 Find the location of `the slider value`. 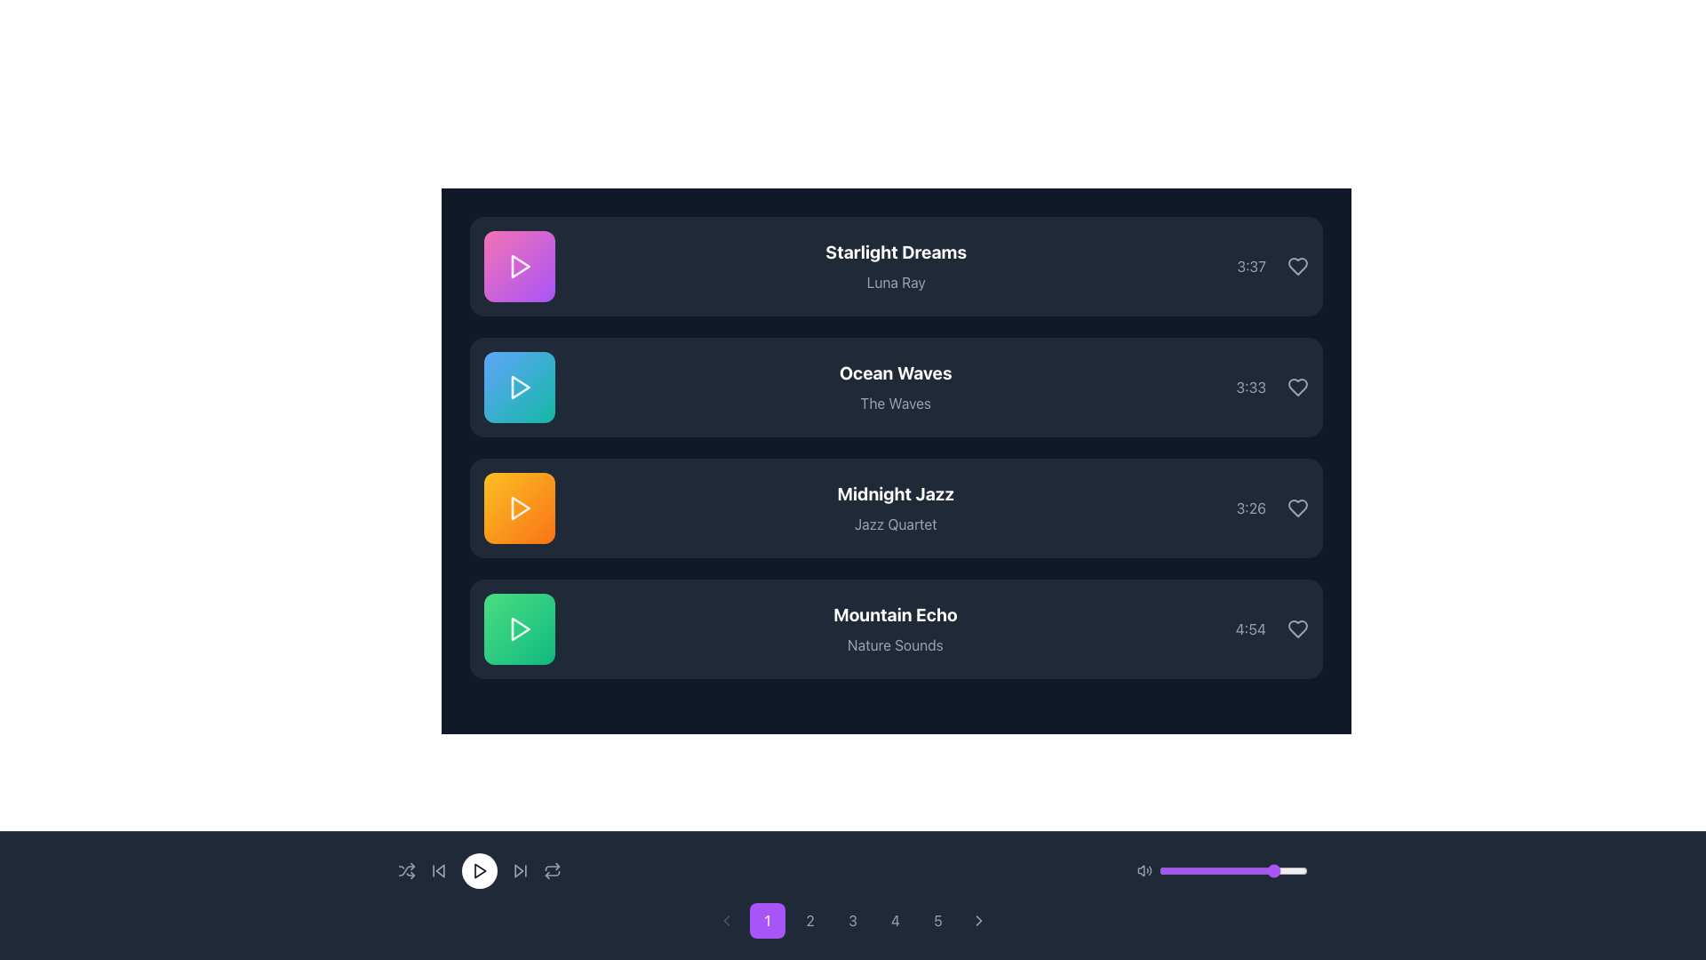

the slider value is located at coordinates (1198, 869).